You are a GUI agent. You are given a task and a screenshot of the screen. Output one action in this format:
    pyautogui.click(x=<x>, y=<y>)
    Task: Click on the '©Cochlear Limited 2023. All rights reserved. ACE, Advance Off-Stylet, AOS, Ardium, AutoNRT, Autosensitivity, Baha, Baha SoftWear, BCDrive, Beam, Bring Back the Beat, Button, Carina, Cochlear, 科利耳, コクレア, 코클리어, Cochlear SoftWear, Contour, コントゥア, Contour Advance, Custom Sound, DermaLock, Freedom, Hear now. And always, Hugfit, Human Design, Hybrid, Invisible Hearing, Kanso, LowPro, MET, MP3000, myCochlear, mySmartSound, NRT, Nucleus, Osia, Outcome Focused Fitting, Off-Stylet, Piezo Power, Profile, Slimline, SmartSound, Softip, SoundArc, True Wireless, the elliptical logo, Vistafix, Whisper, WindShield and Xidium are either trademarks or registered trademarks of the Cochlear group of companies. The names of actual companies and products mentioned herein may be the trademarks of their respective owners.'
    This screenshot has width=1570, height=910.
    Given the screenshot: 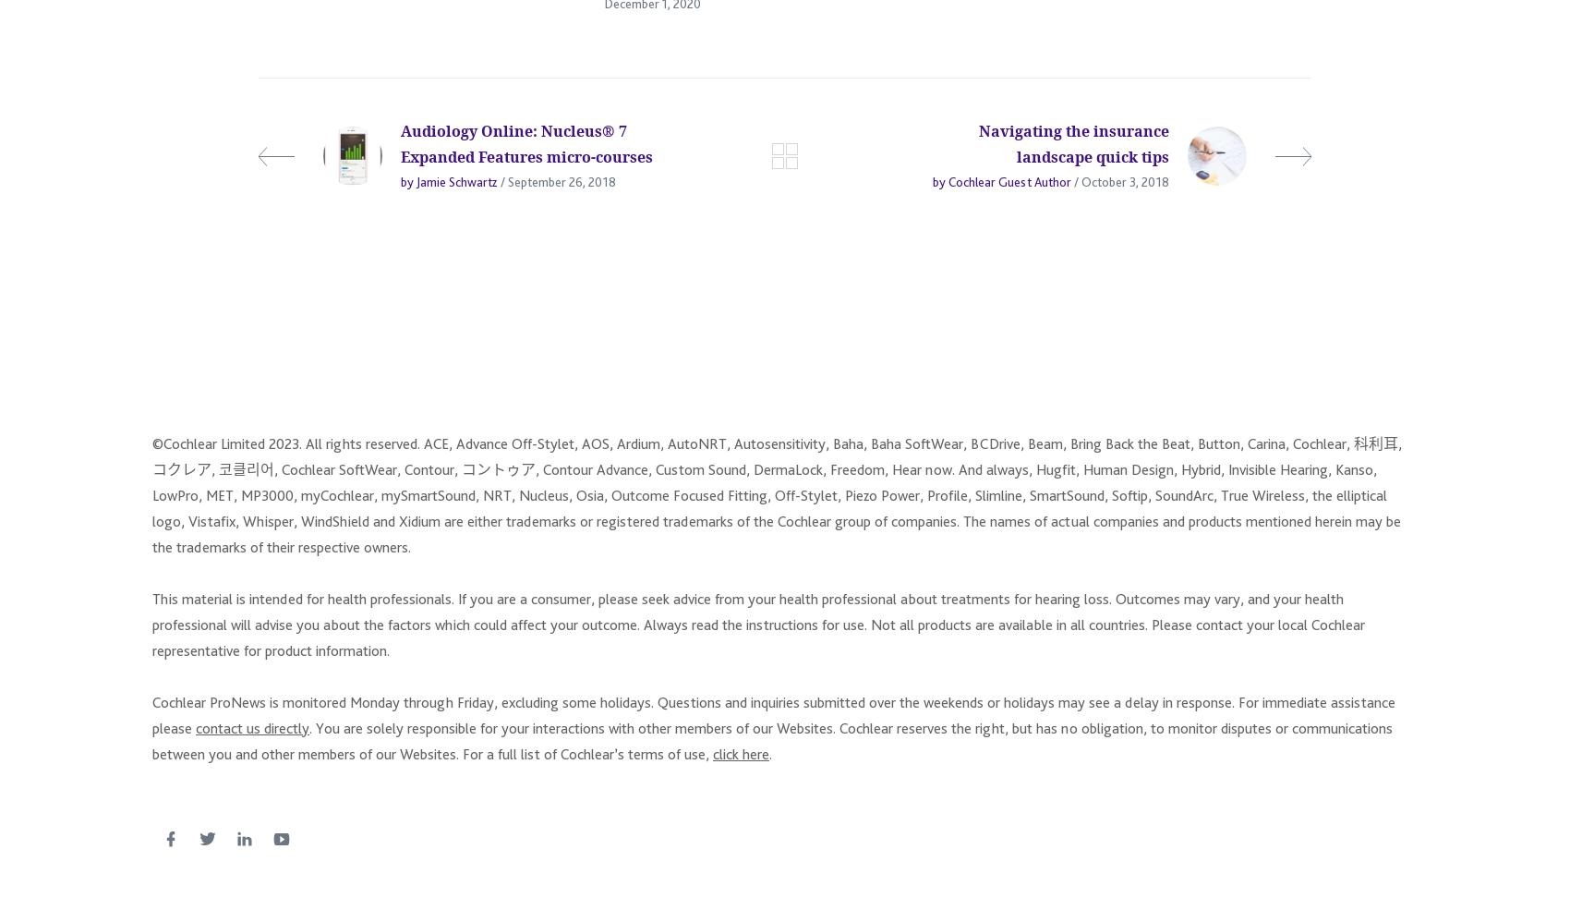 What is the action you would take?
    pyautogui.click(x=151, y=504)
    